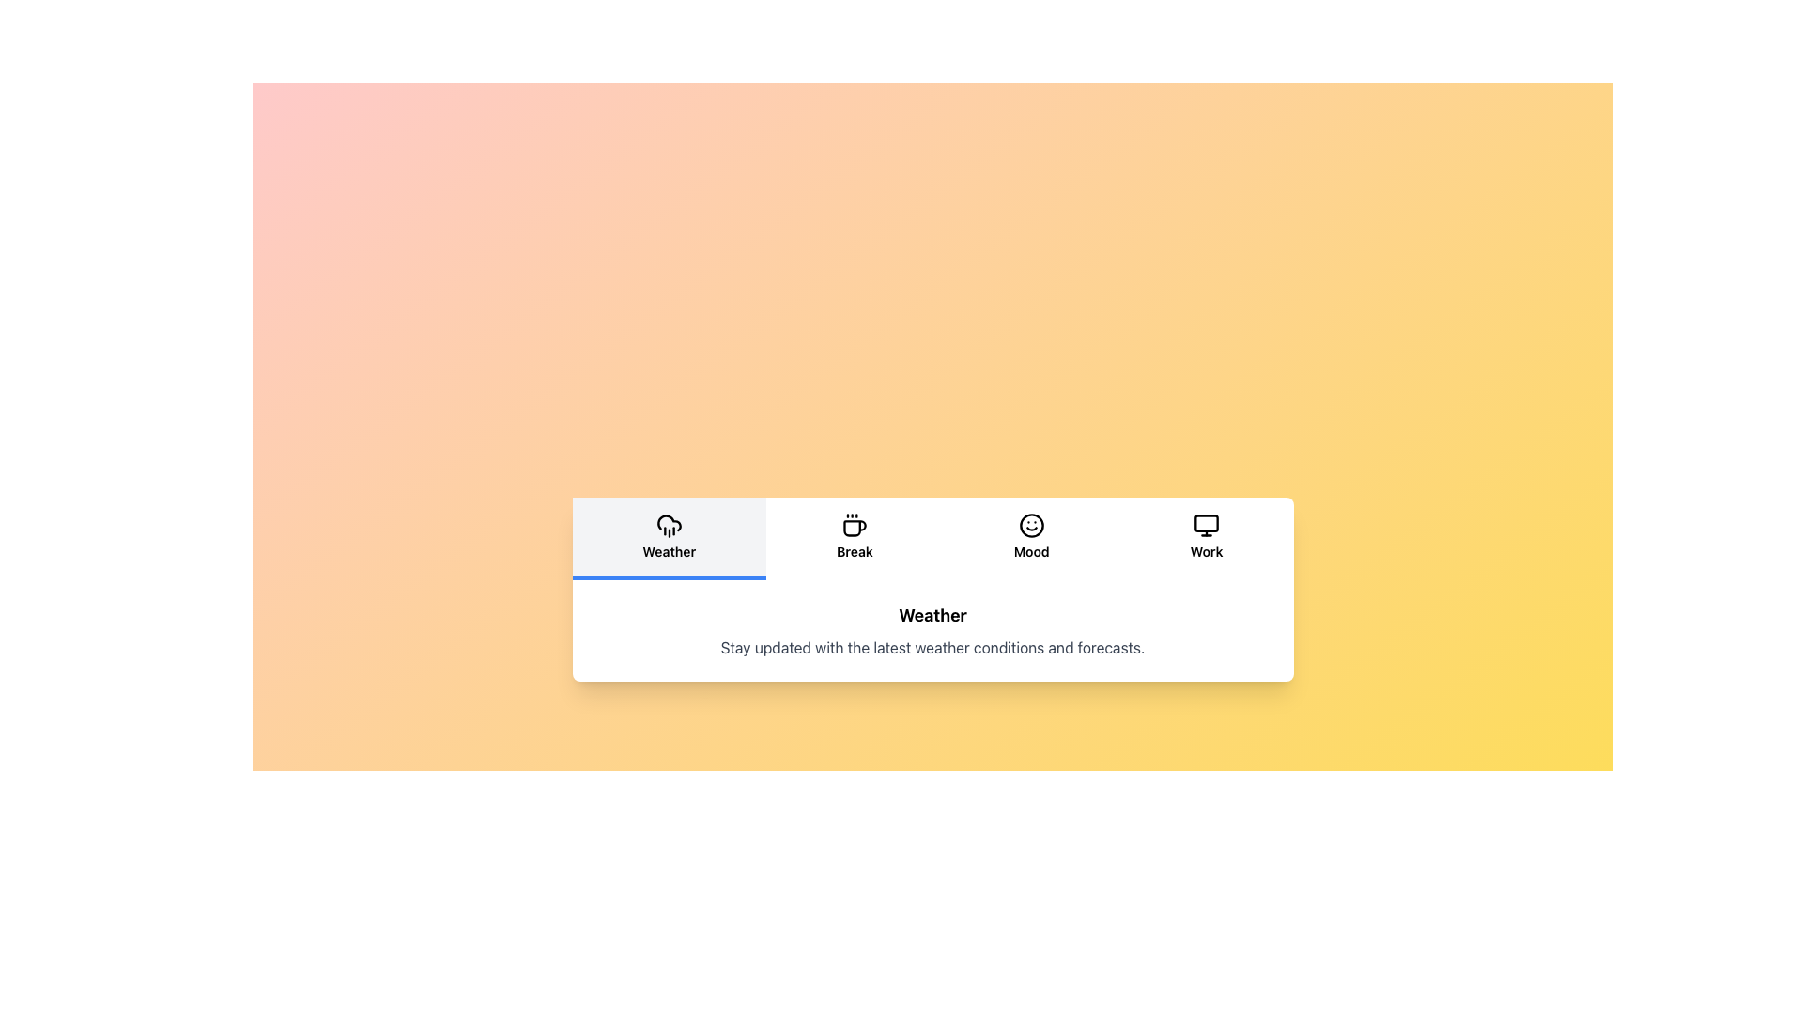 The width and height of the screenshot is (1803, 1014). What do you see at coordinates (1207, 536) in the screenshot?
I see `the 'Work' menu item, which features a computer monitor icon and is` at bounding box center [1207, 536].